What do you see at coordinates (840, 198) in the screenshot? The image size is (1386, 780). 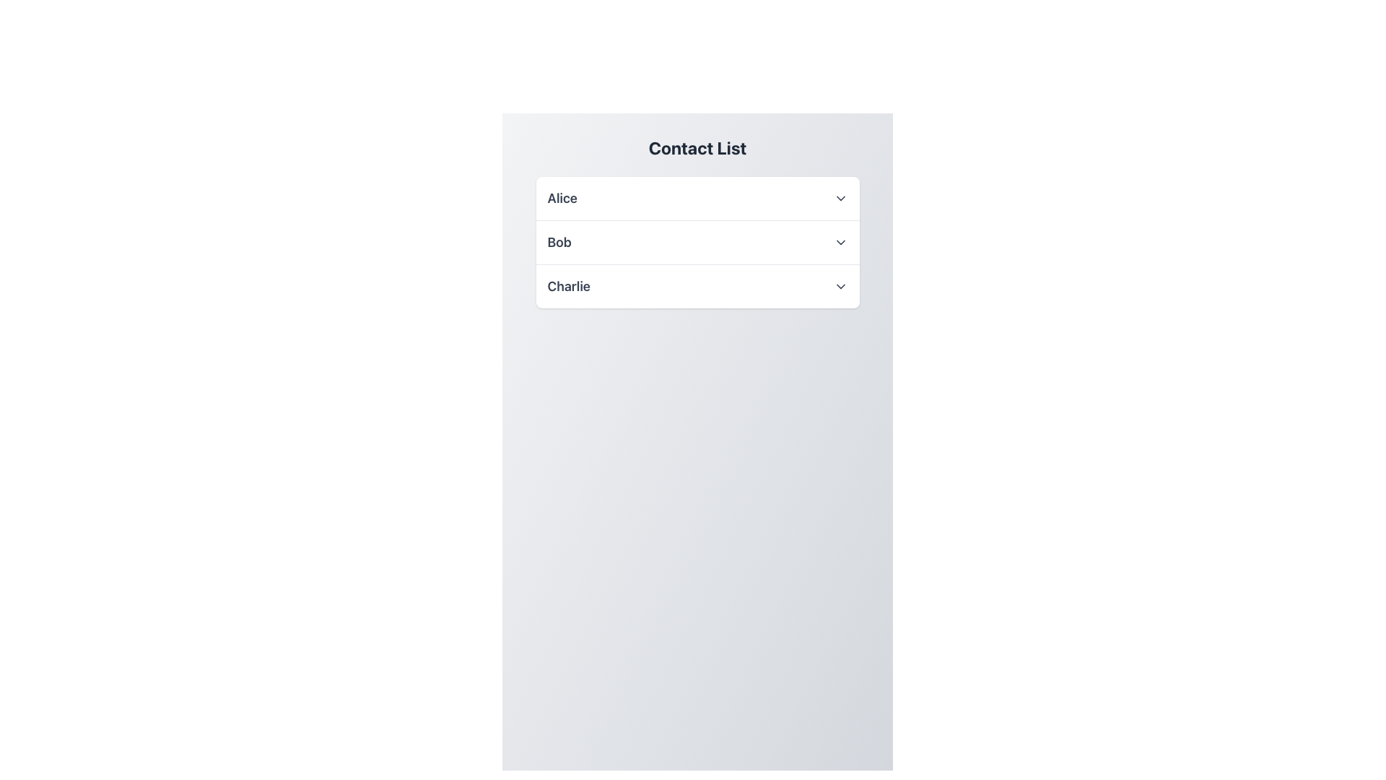 I see `the downward-pointing chevron icon located to the far-right of the 'Alice' label` at bounding box center [840, 198].